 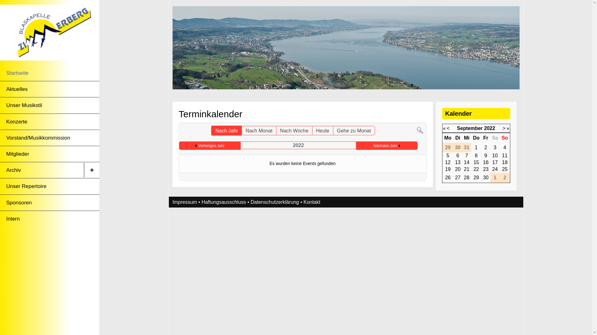 I want to click on '28', so click(x=464, y=177).